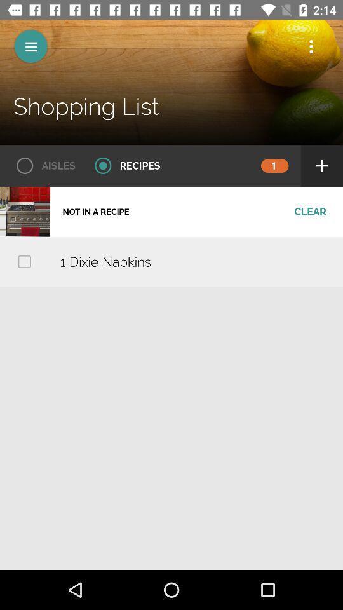  What do you see at coordinates (311, 46) in the screenshot?
I see `show more option` at bounding box center [311, 46].